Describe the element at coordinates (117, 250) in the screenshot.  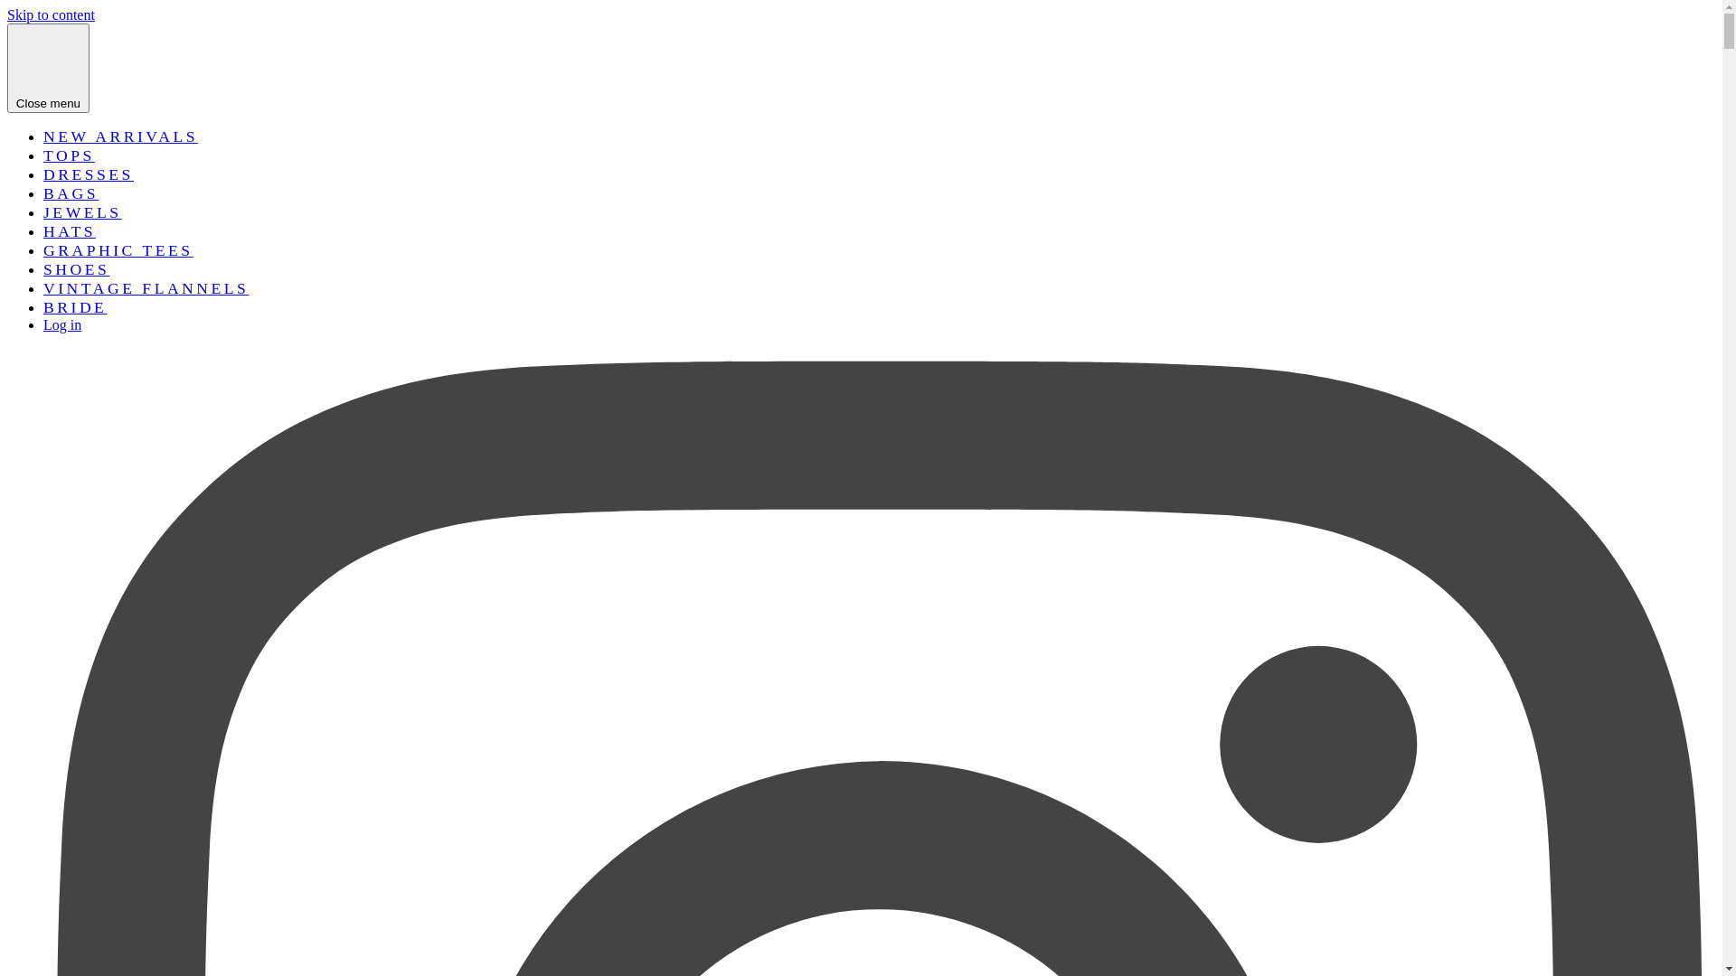
I see `'GRAPHIC TEES'` at that location.